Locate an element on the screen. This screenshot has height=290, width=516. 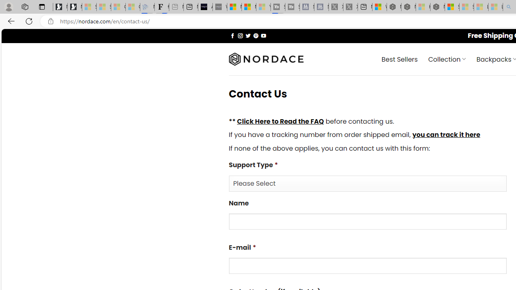
'Name' is located at coordinates (367, 222).